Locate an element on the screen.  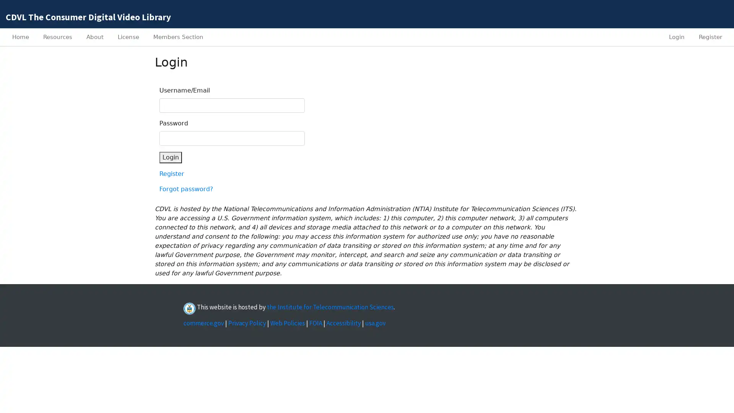
Login is located at coordinates (170, 157).